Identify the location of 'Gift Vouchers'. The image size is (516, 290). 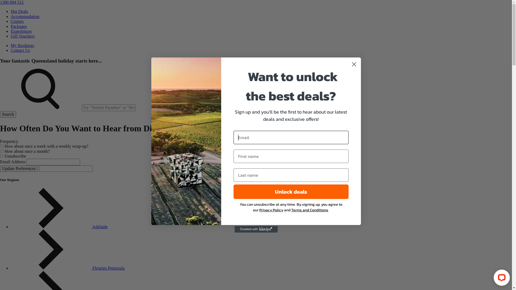
(10, 36).